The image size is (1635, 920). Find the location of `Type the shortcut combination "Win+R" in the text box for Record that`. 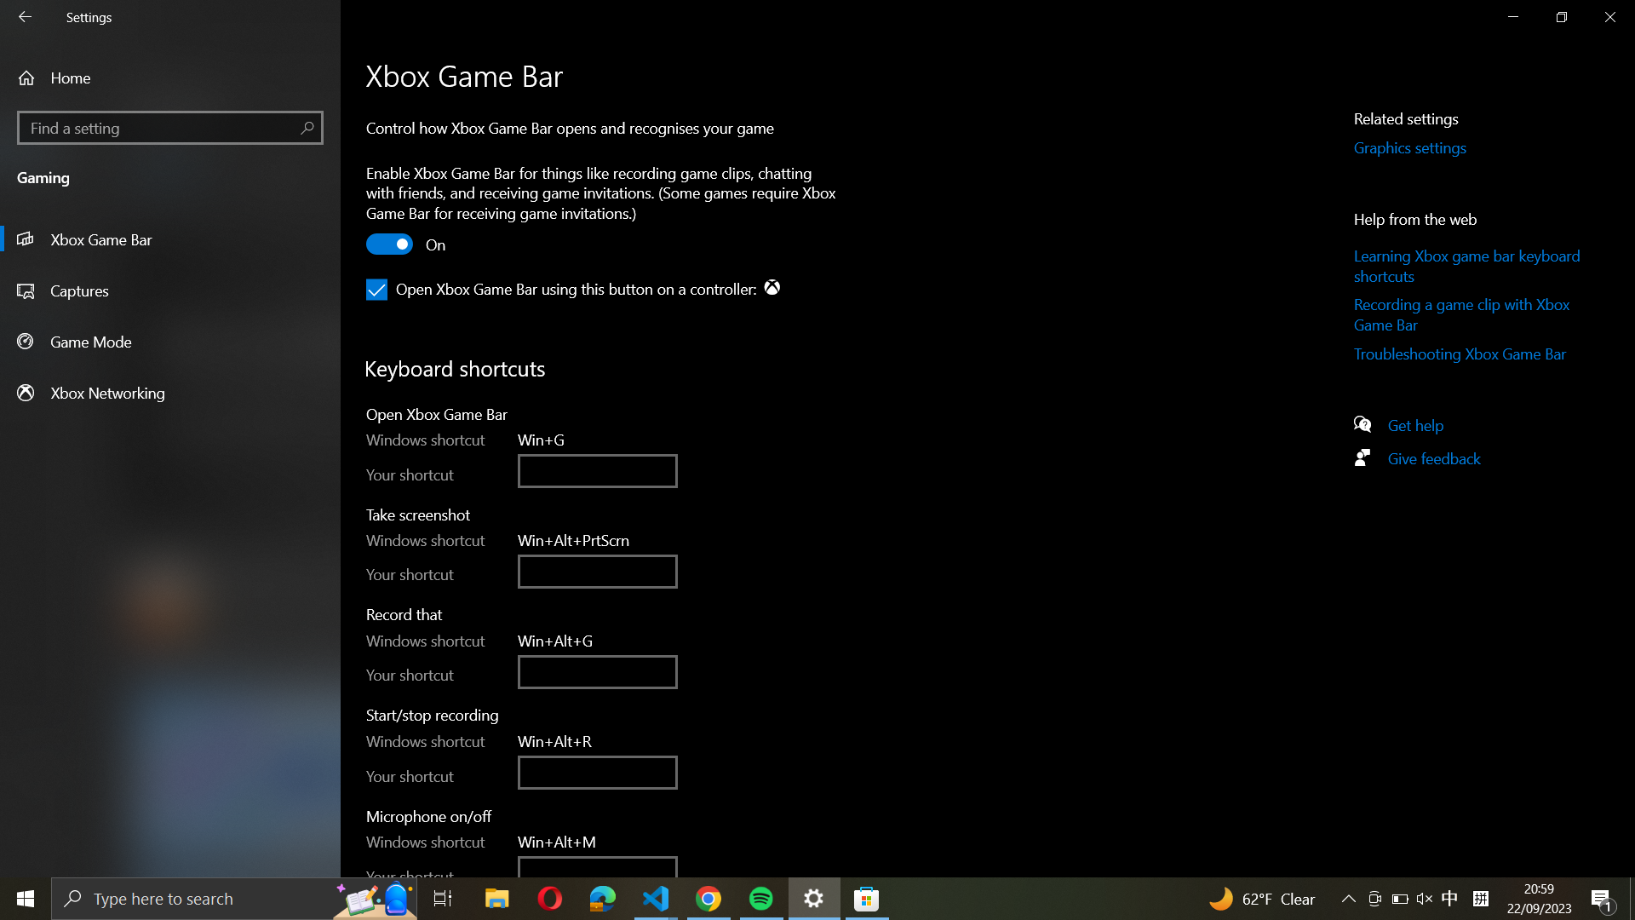

Type the shortcut combination "Win+R" in the text box for Record that is located at coordinates (598, 670).